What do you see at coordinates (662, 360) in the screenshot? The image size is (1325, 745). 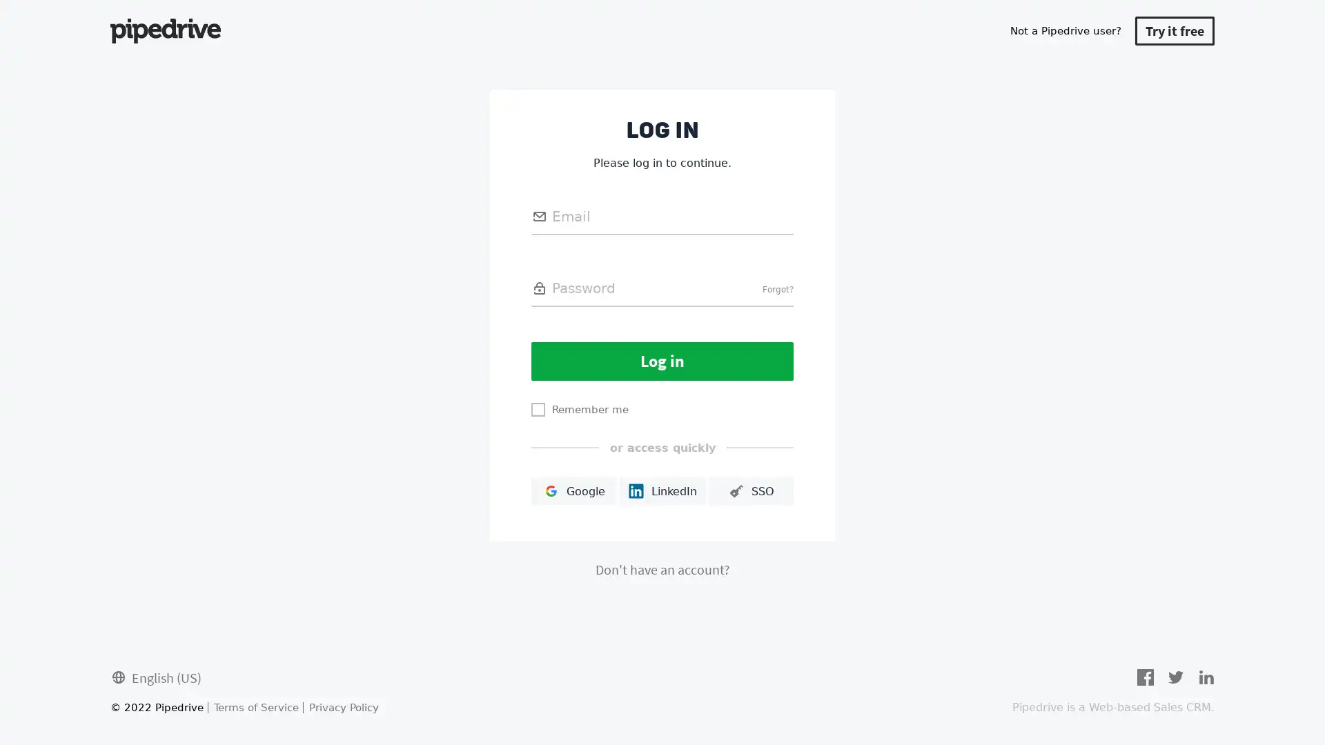 I see `Log in` at bounding box center [662, 360].